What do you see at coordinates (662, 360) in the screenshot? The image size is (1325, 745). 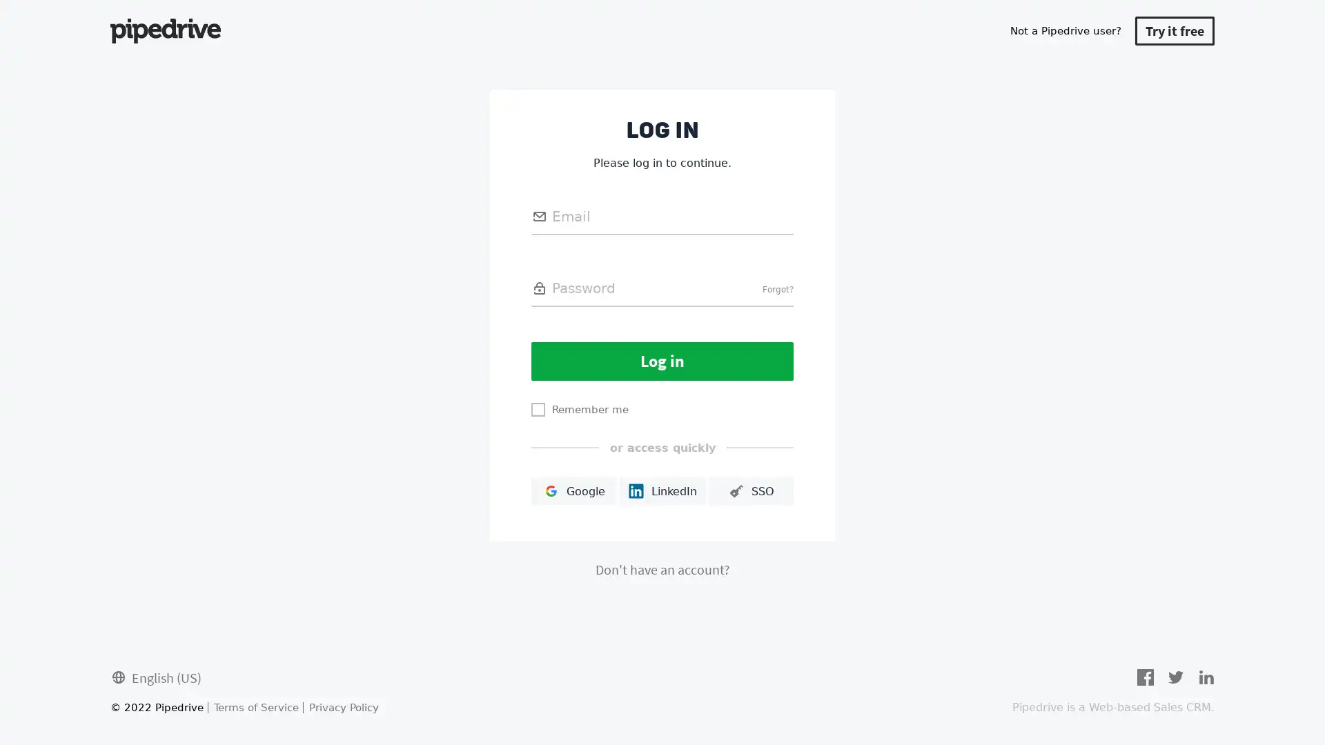 I see `Log in` at bounding box center [662, 360].